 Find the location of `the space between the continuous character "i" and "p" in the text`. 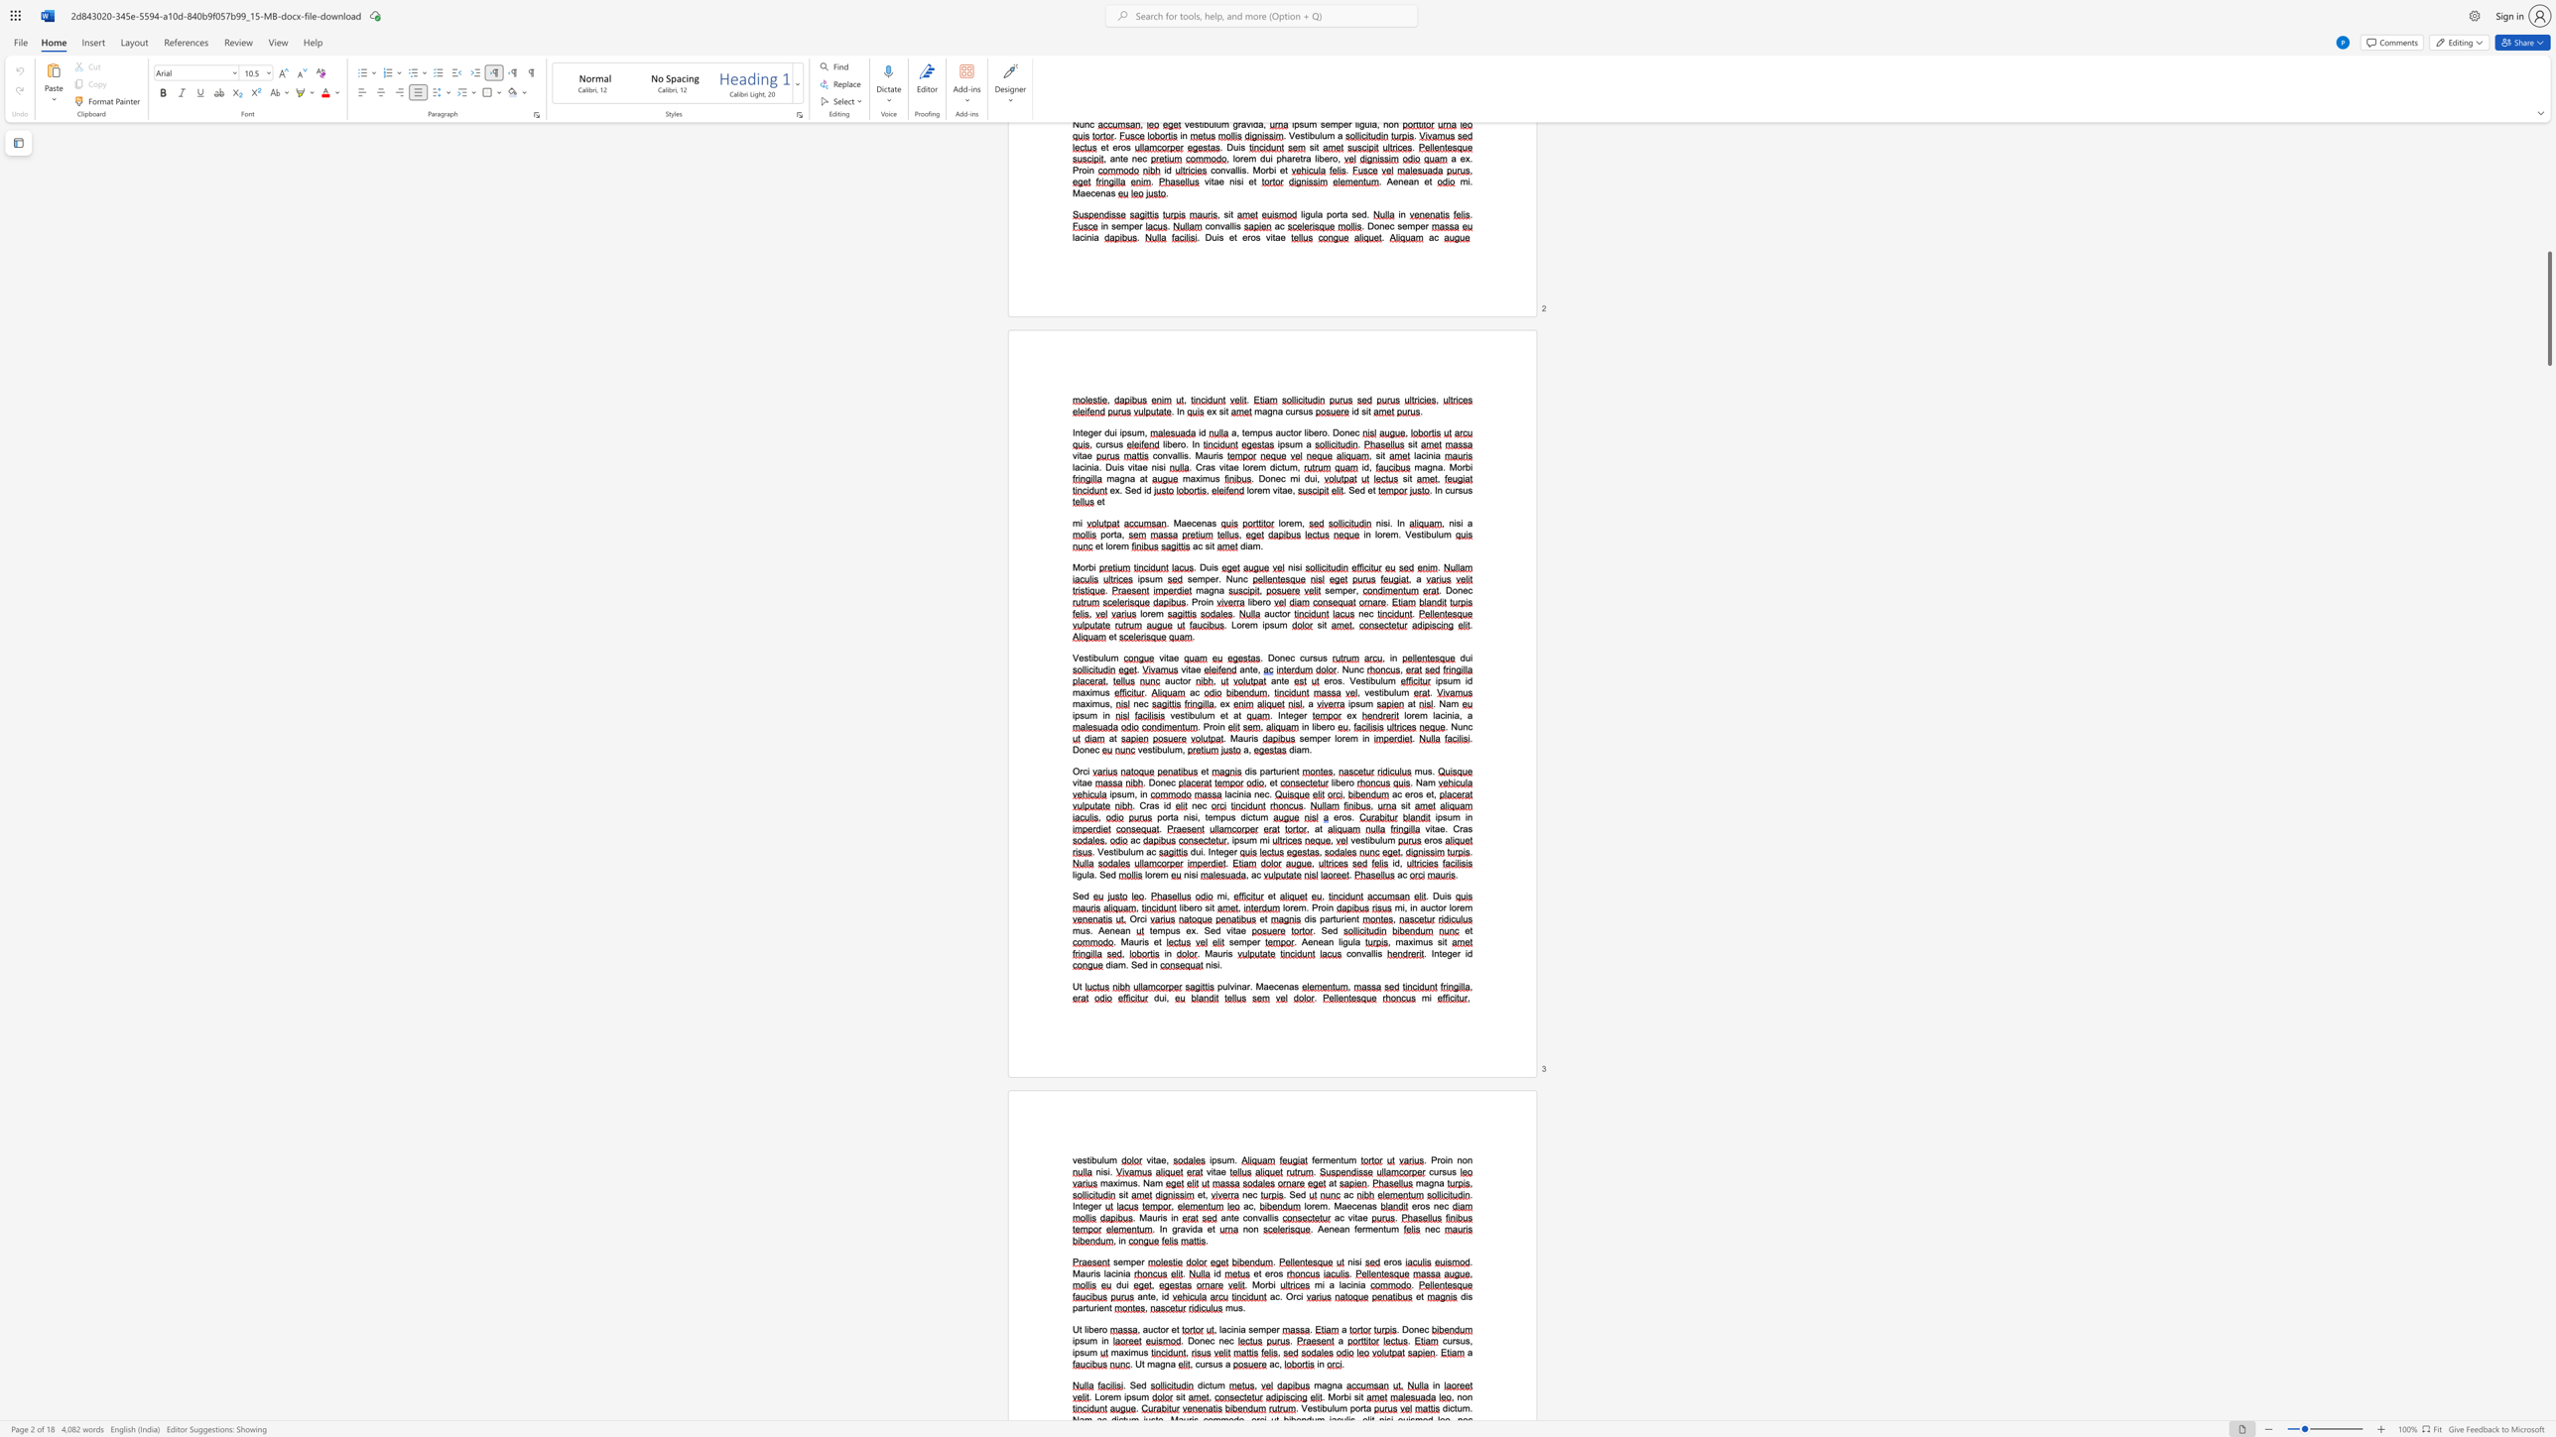

the space between the continuous character "i" and "p" in the text is located at coordinates (1111, 794).